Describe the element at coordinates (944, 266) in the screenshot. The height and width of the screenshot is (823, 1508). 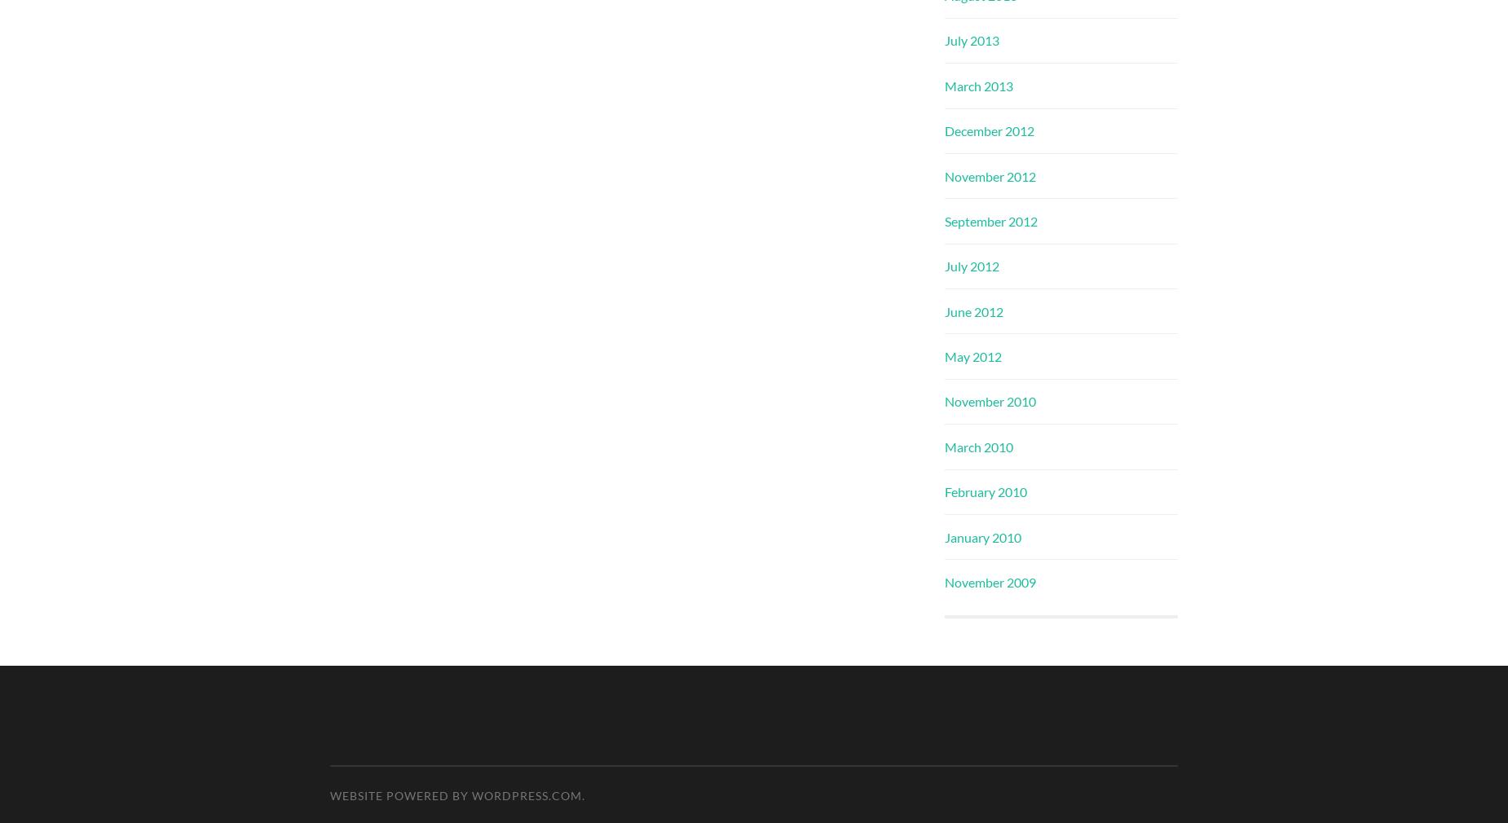
I see `'July 2012'` at that location.